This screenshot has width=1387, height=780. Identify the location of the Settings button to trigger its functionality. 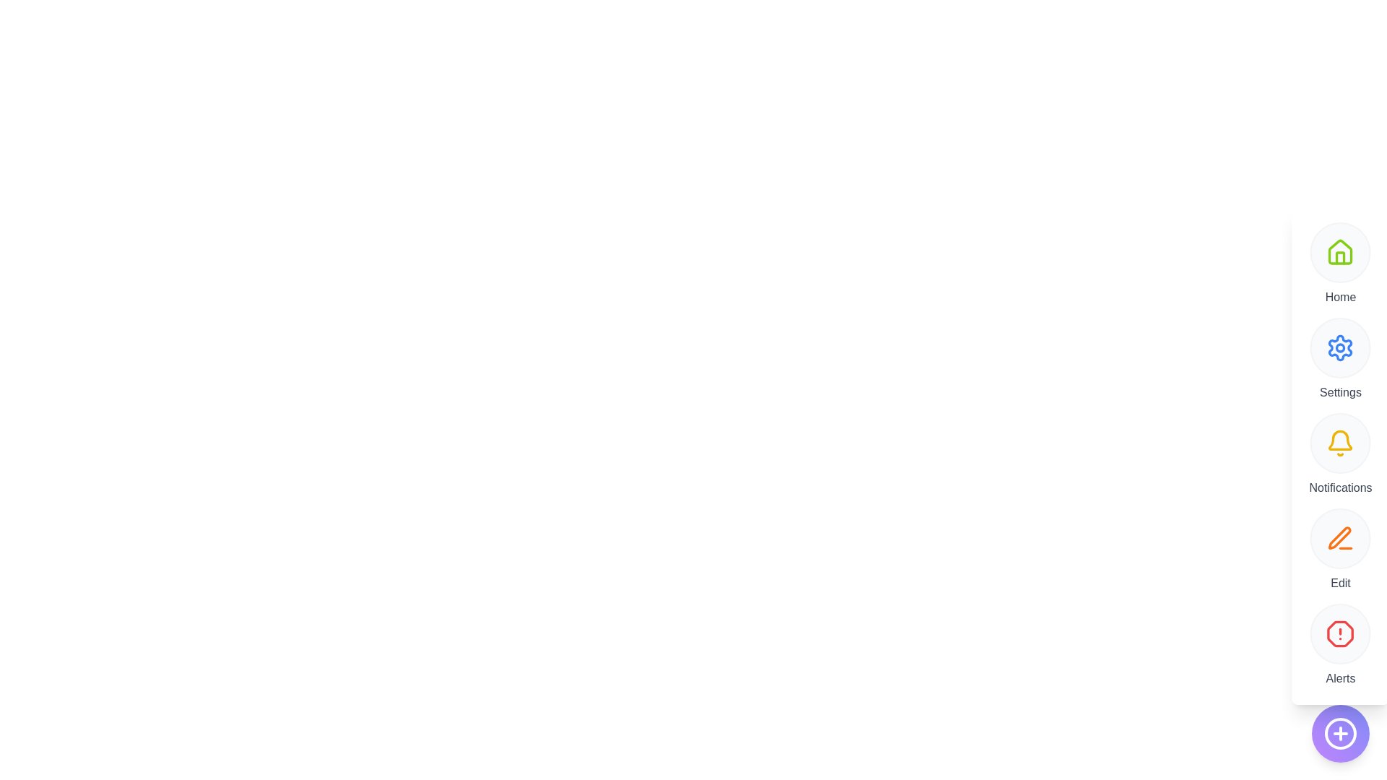
(1340, 348).